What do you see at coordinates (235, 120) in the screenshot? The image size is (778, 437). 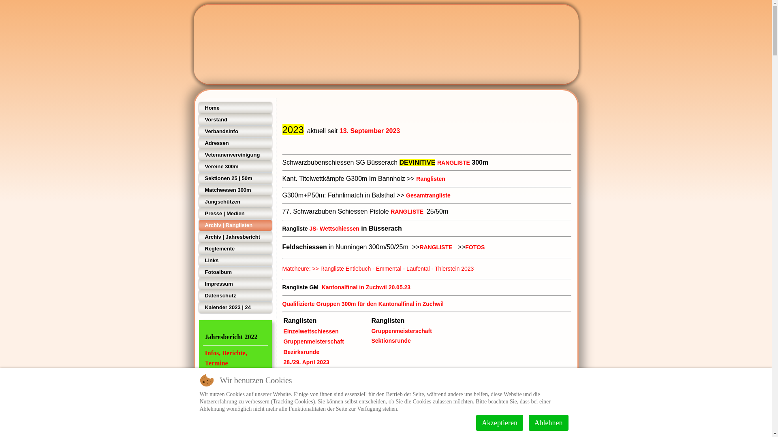 I see `'Vorstand'` at bounding box center [235, 120].